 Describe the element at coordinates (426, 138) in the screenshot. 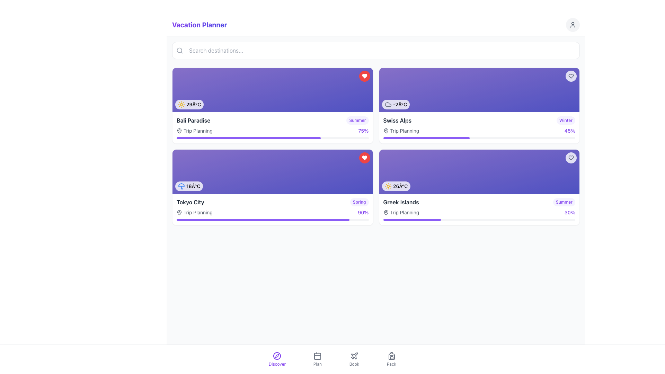

I see `the progress bar segment that visually indicates approximately 45% completion within the task, located beneath the 'Swiss Alps' card` at that location.